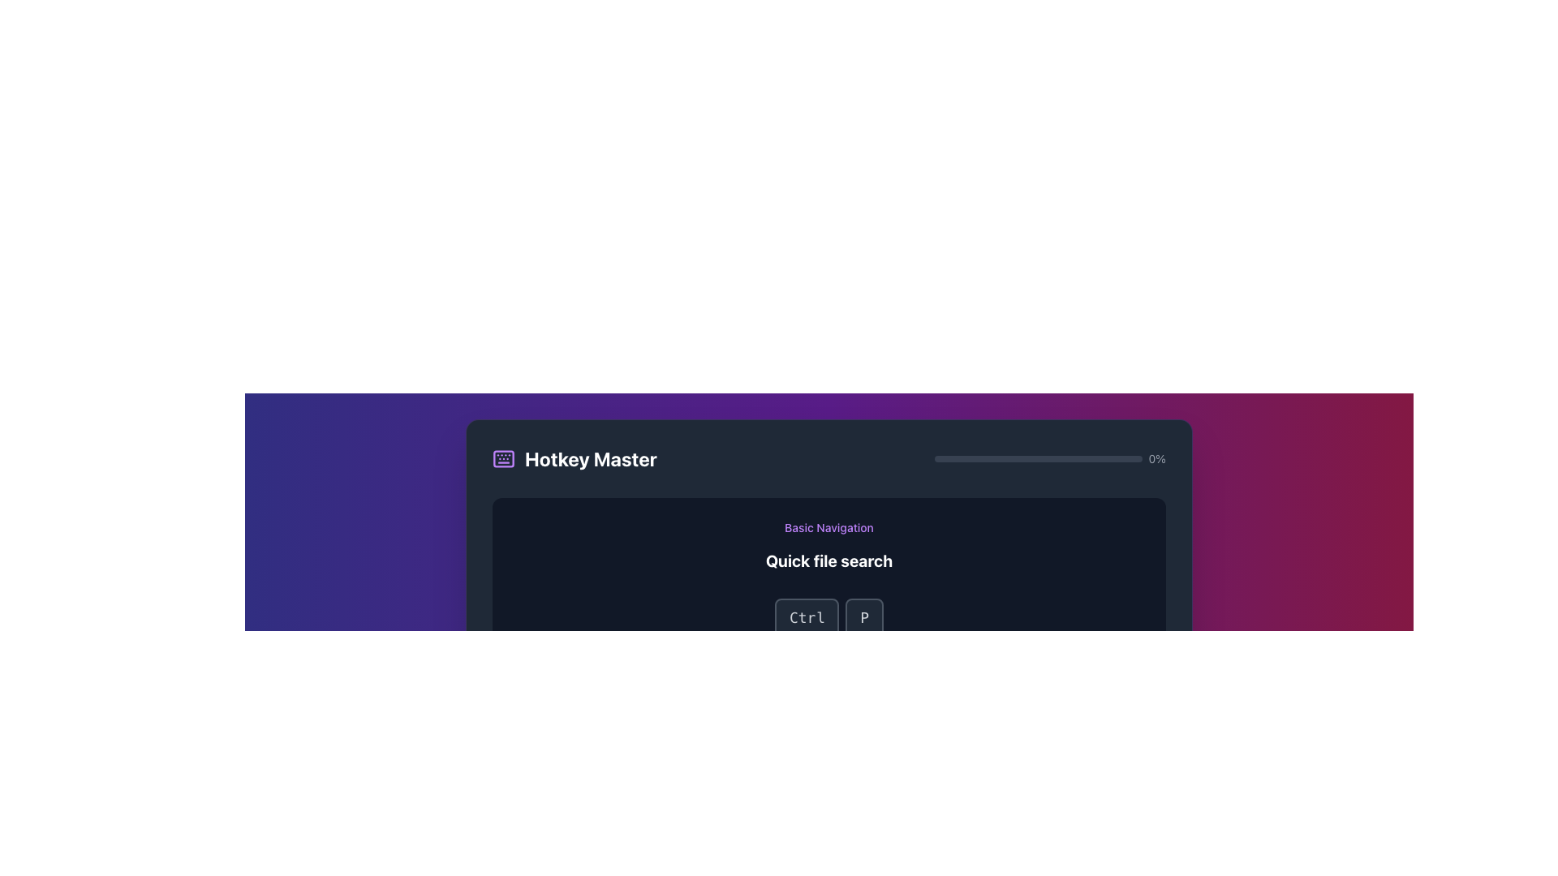 The height and width of the screenshot is (876, 1558). What do you see at coordinates (502, 459) in the screenshot?
I see `the keyboard icon with a purple tint located to the left of the 'Hotkey Master' text in the header area` at bounding box center [502, 459].